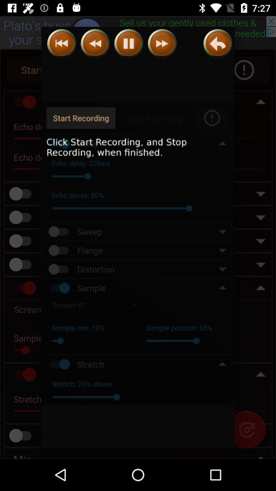 The height and width of the screenshot is (491, 276). What do you see at coordinates (128, 43) in the screenshot?
I see `pause recording` at bounding box center [128, 43].